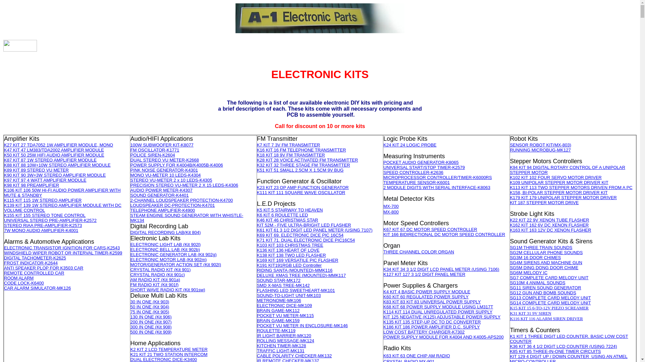 The image size is (645, 362). Describe the element at coordinates (173, 254) in the screenshot. I see `'ELECTRONIC GENERATOR LAB (Kit 902g)'` at that location.